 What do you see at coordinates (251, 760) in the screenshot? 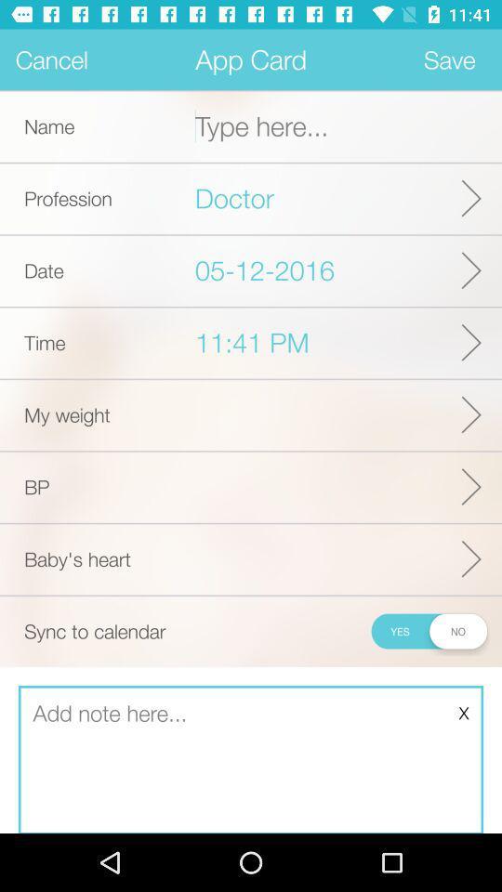
I see `type in the box` at bounding box center [251, 760].